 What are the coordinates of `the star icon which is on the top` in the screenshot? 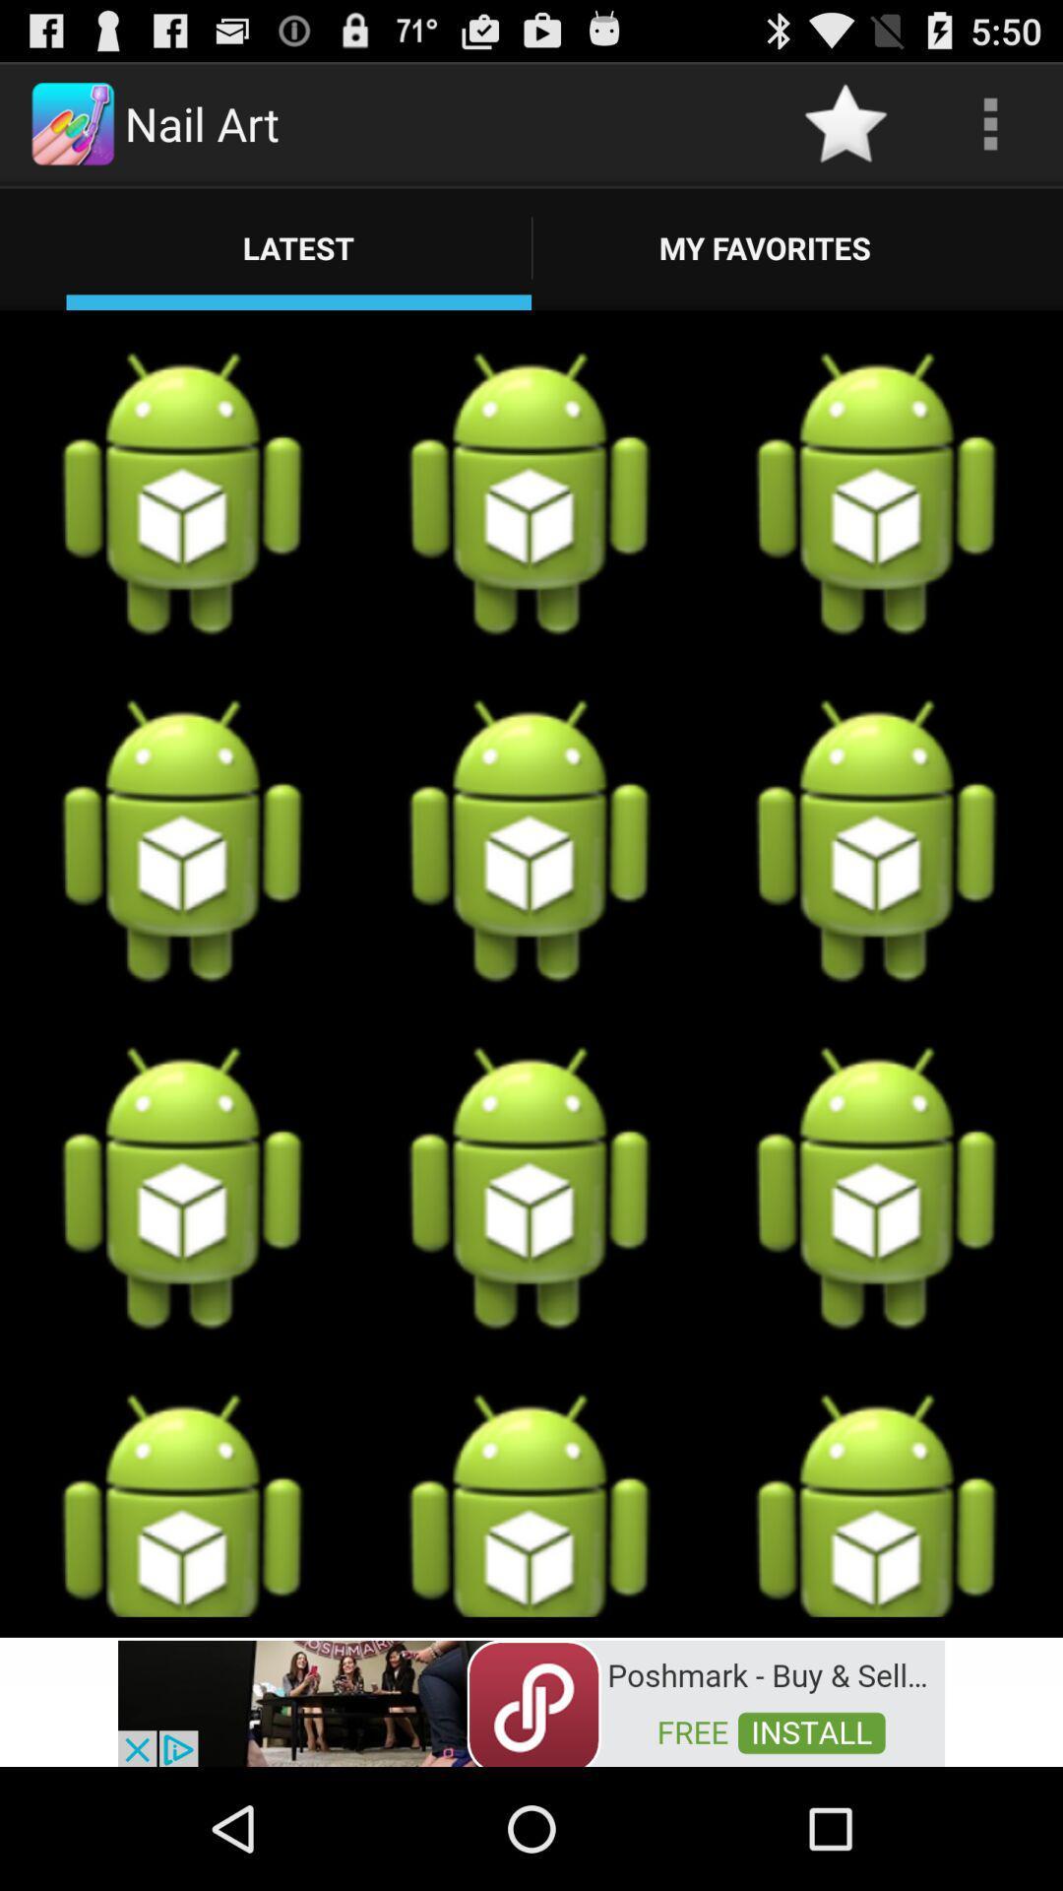 It's located at (844, 122).